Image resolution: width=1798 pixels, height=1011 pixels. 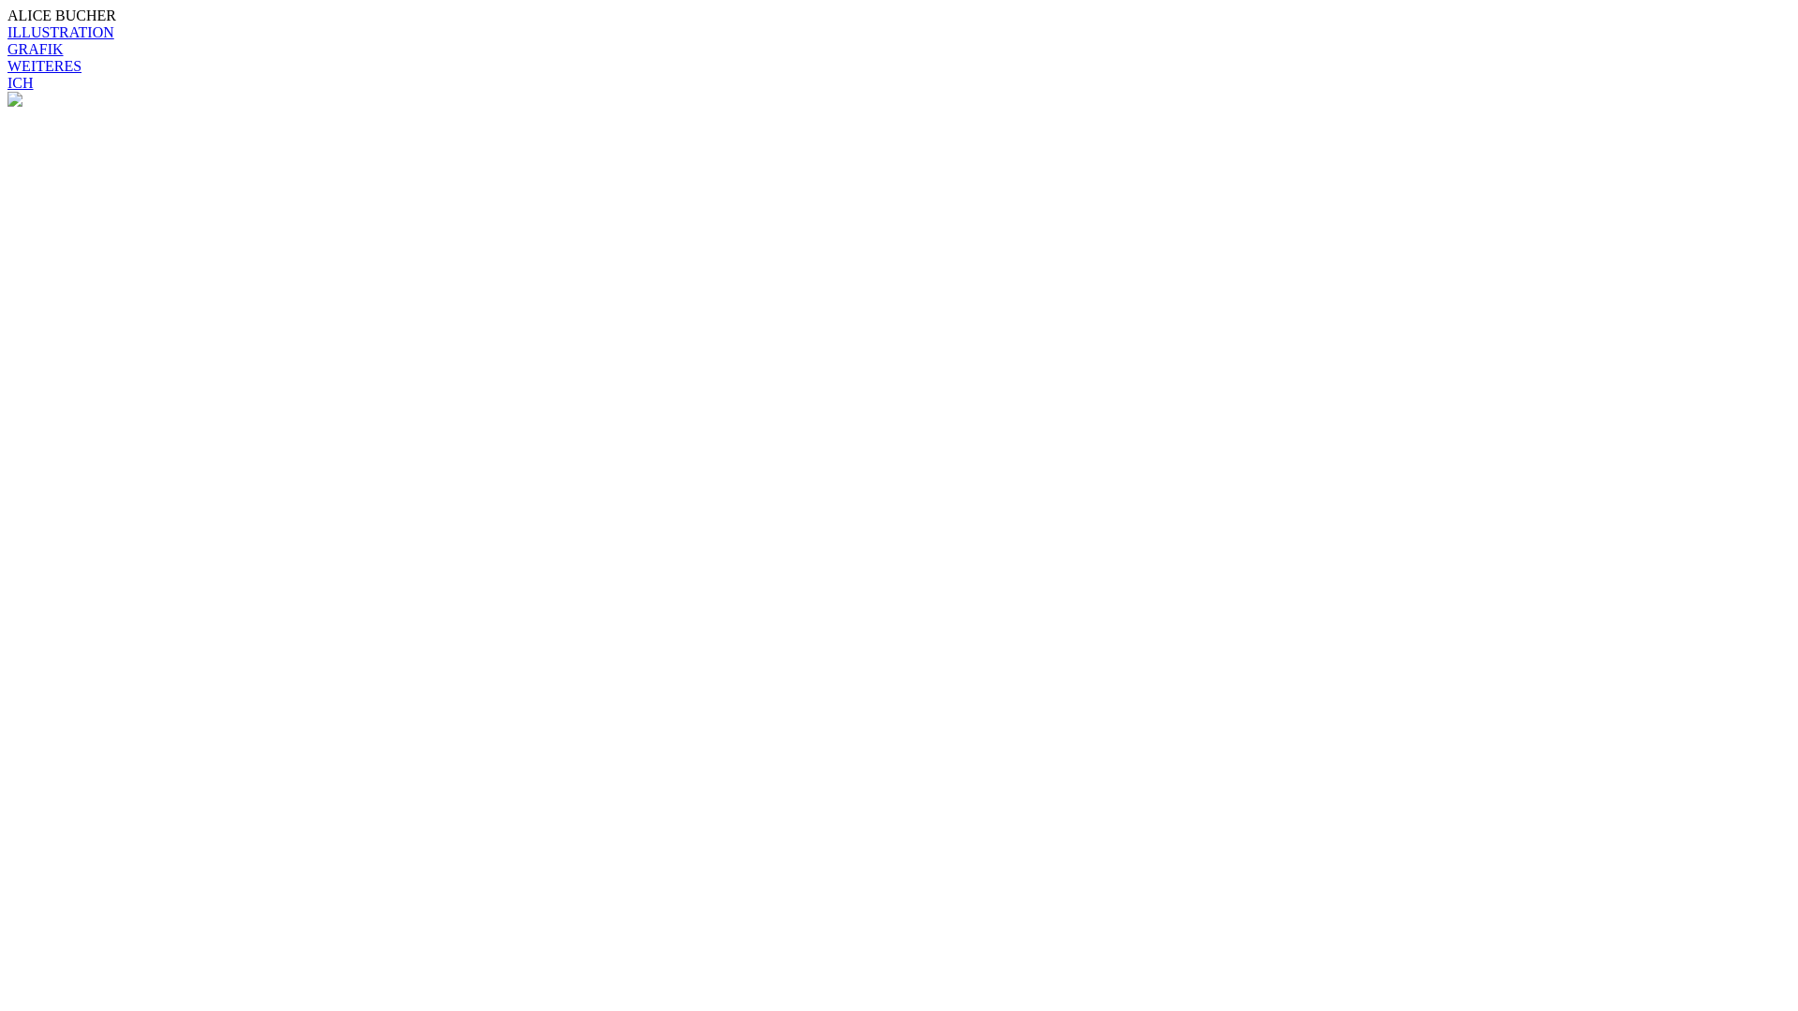 What do you see at coordinates (44, 65) in the screenshot?
I see `'WEITERES'` at bounding box center [44, 65].